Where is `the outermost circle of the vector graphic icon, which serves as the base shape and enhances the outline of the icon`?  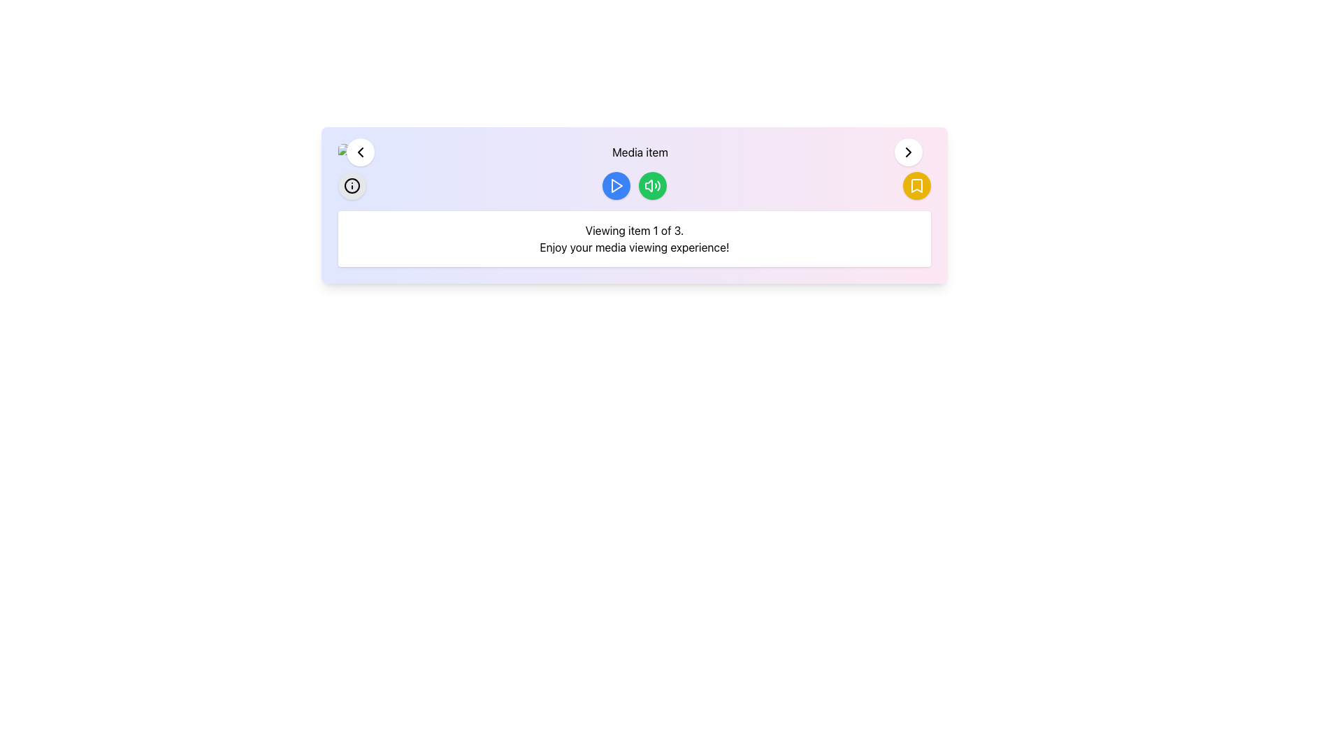
the outermost circle of the vector graphic icon, which serves as the base shape and enhances the outline of the icon is located at coordinates (352, 185).